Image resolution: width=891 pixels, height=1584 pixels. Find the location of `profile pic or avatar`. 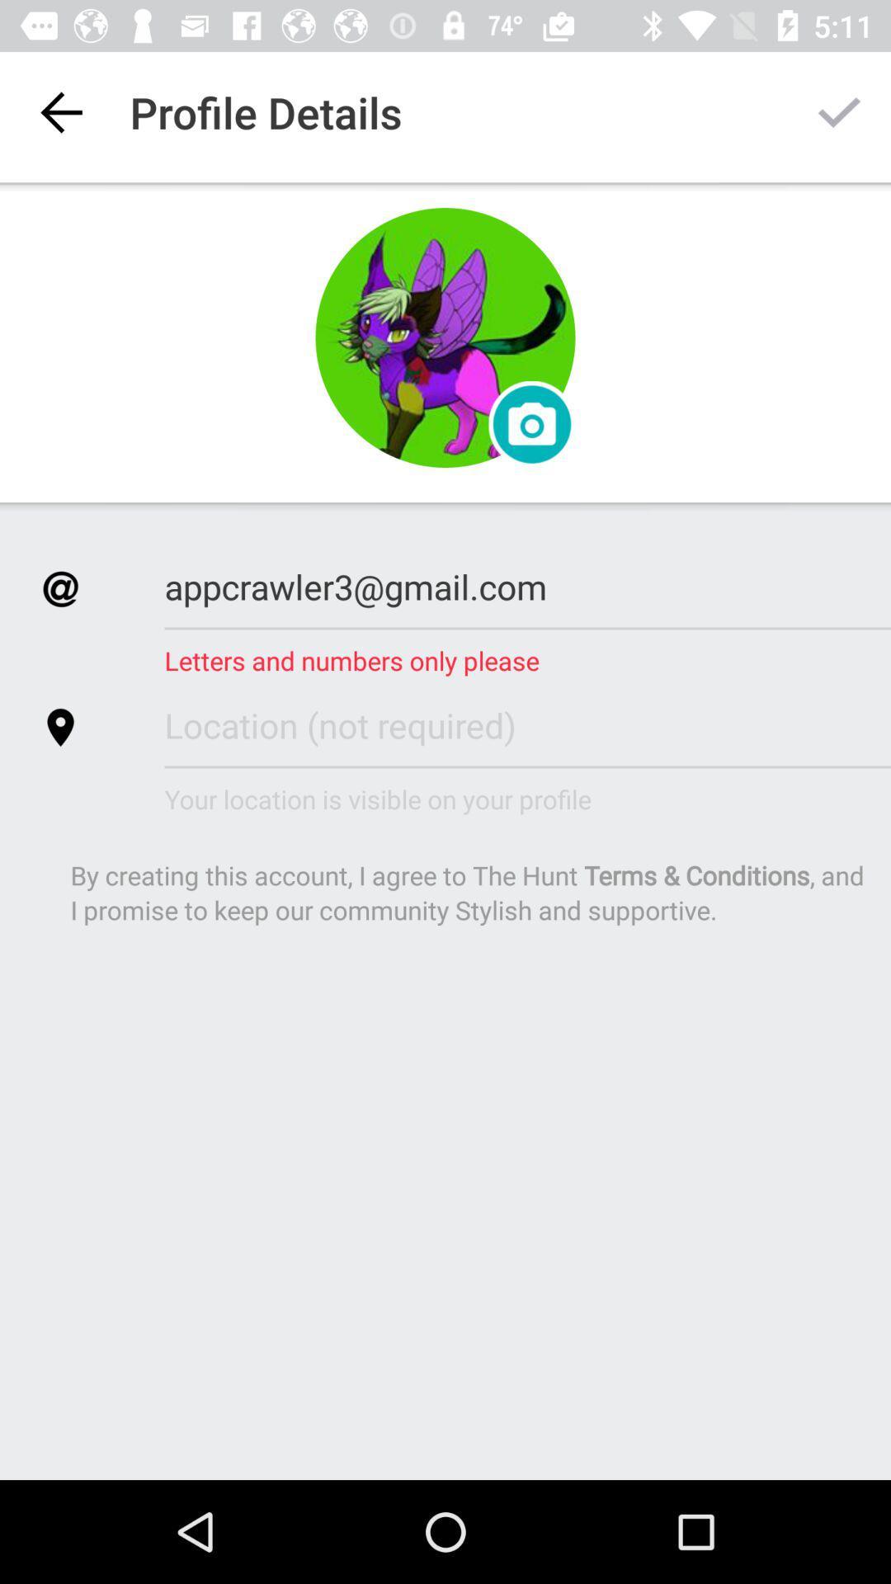

profile pic or avatar is located at coordinates (445, 337).